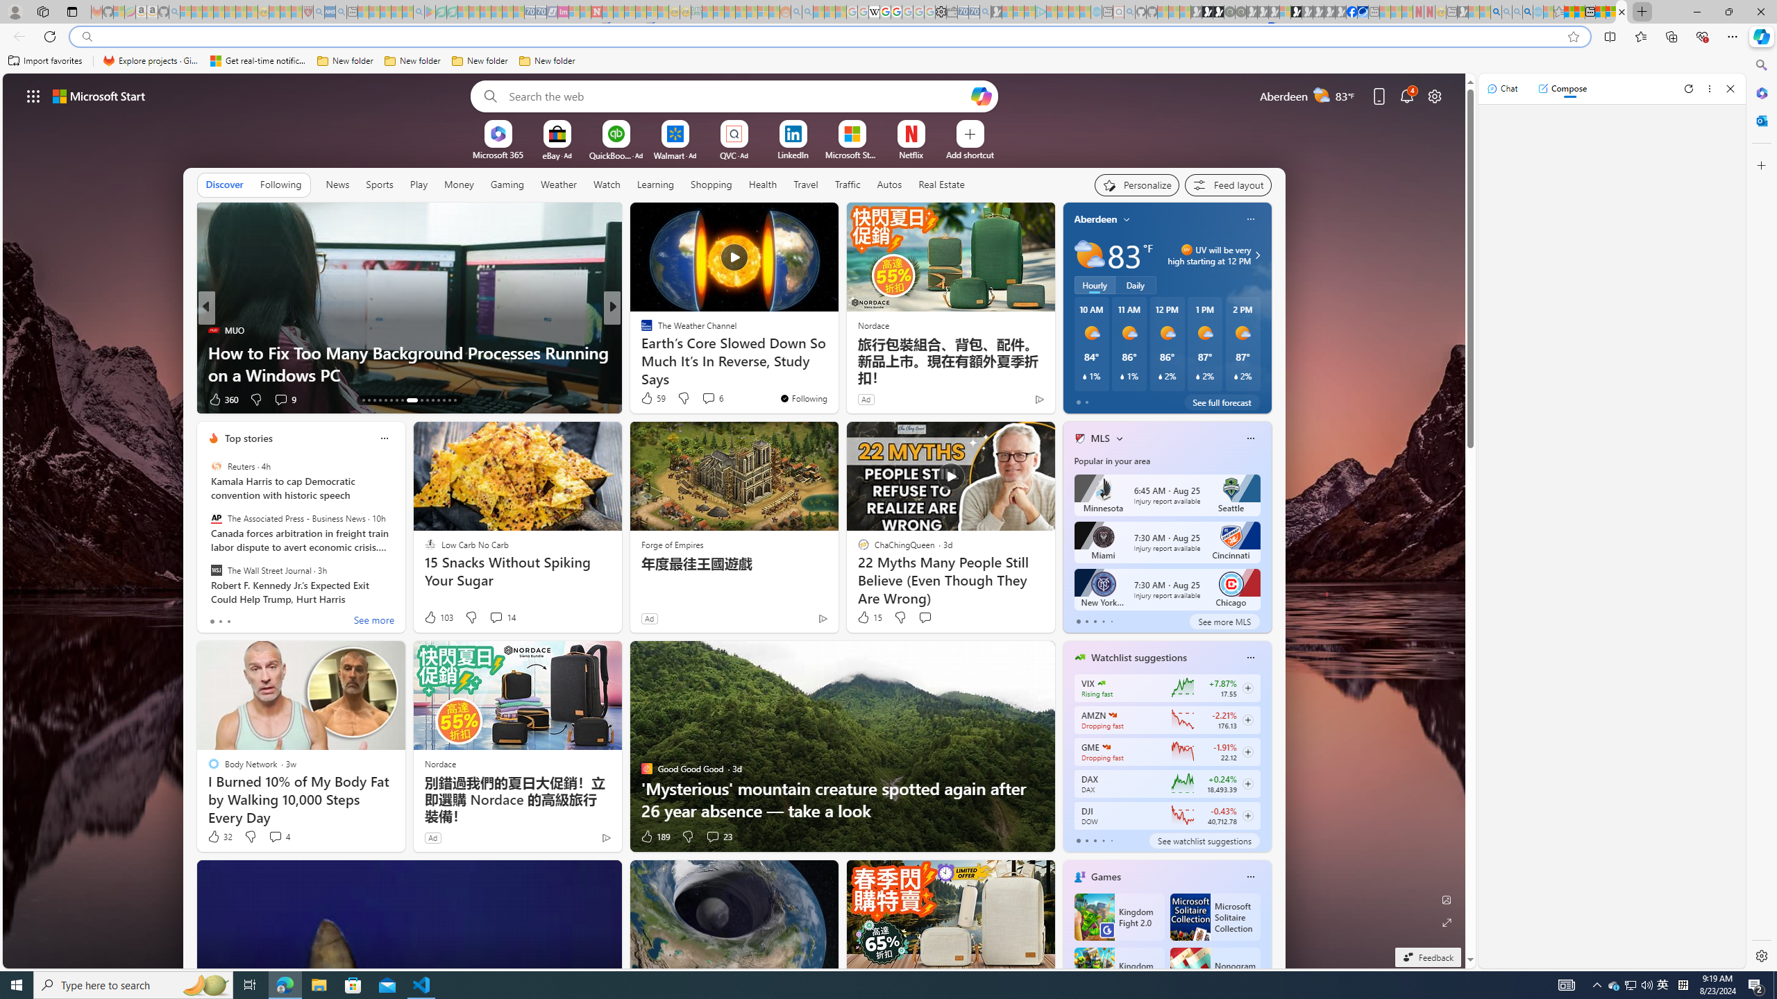  I want to click on 'Bing AI - Search', so click(1496, 11).